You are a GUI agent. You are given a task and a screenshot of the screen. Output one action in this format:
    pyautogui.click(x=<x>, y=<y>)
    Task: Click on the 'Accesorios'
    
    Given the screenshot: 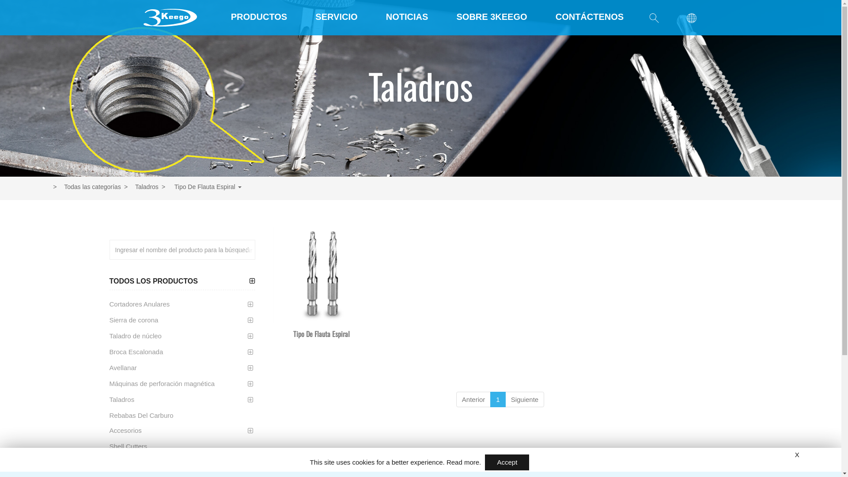 What is the action you would take?
    pyautogui.click(x=109, y=430)
    